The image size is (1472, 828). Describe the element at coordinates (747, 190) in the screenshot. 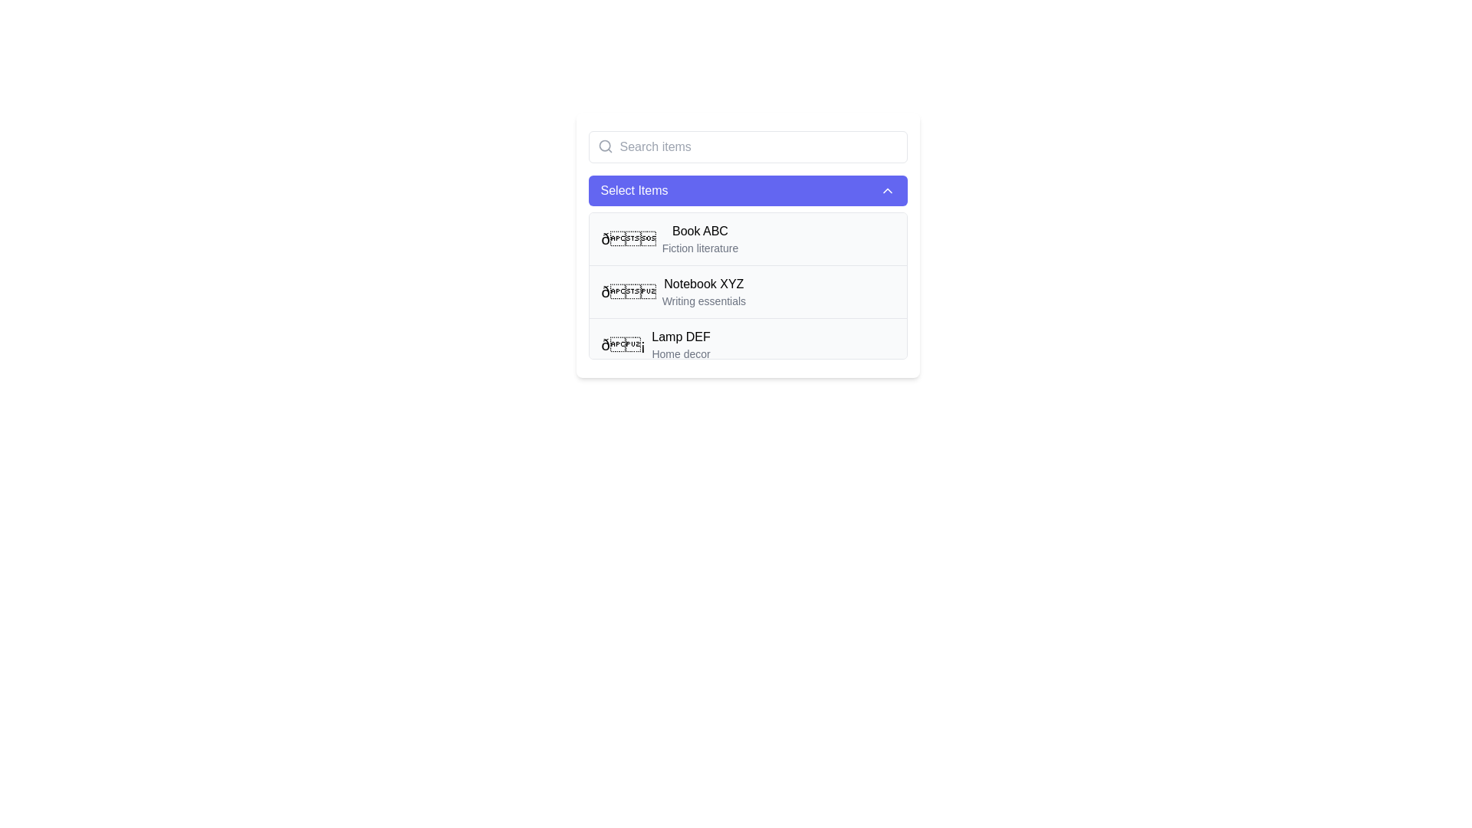

I see `the 'Select Items' button with an indigo blue background` at that location.